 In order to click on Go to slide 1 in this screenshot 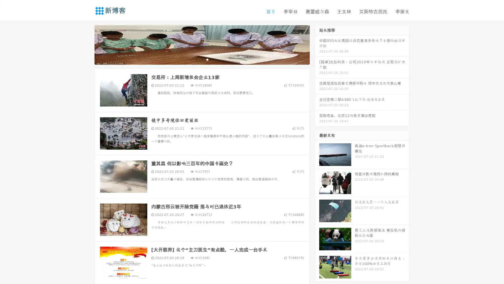, I will do `click(196, 59)`.